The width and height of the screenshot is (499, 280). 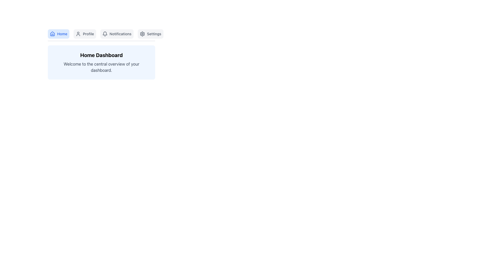 What do you see at coordinates (101, 35) in the screenshot?
I see `the navigation label in the Navigation Bar Section` at bounding box center [101, 35].